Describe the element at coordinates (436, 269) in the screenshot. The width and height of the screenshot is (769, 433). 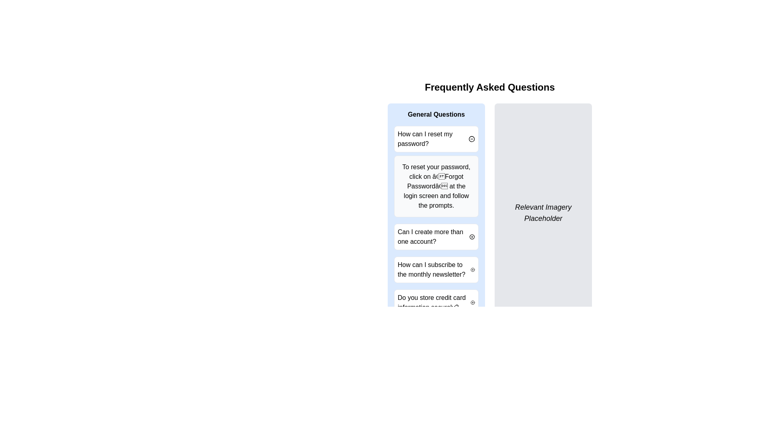
I see `the fourth FAQ question under the 'General Questions' section` at that location.